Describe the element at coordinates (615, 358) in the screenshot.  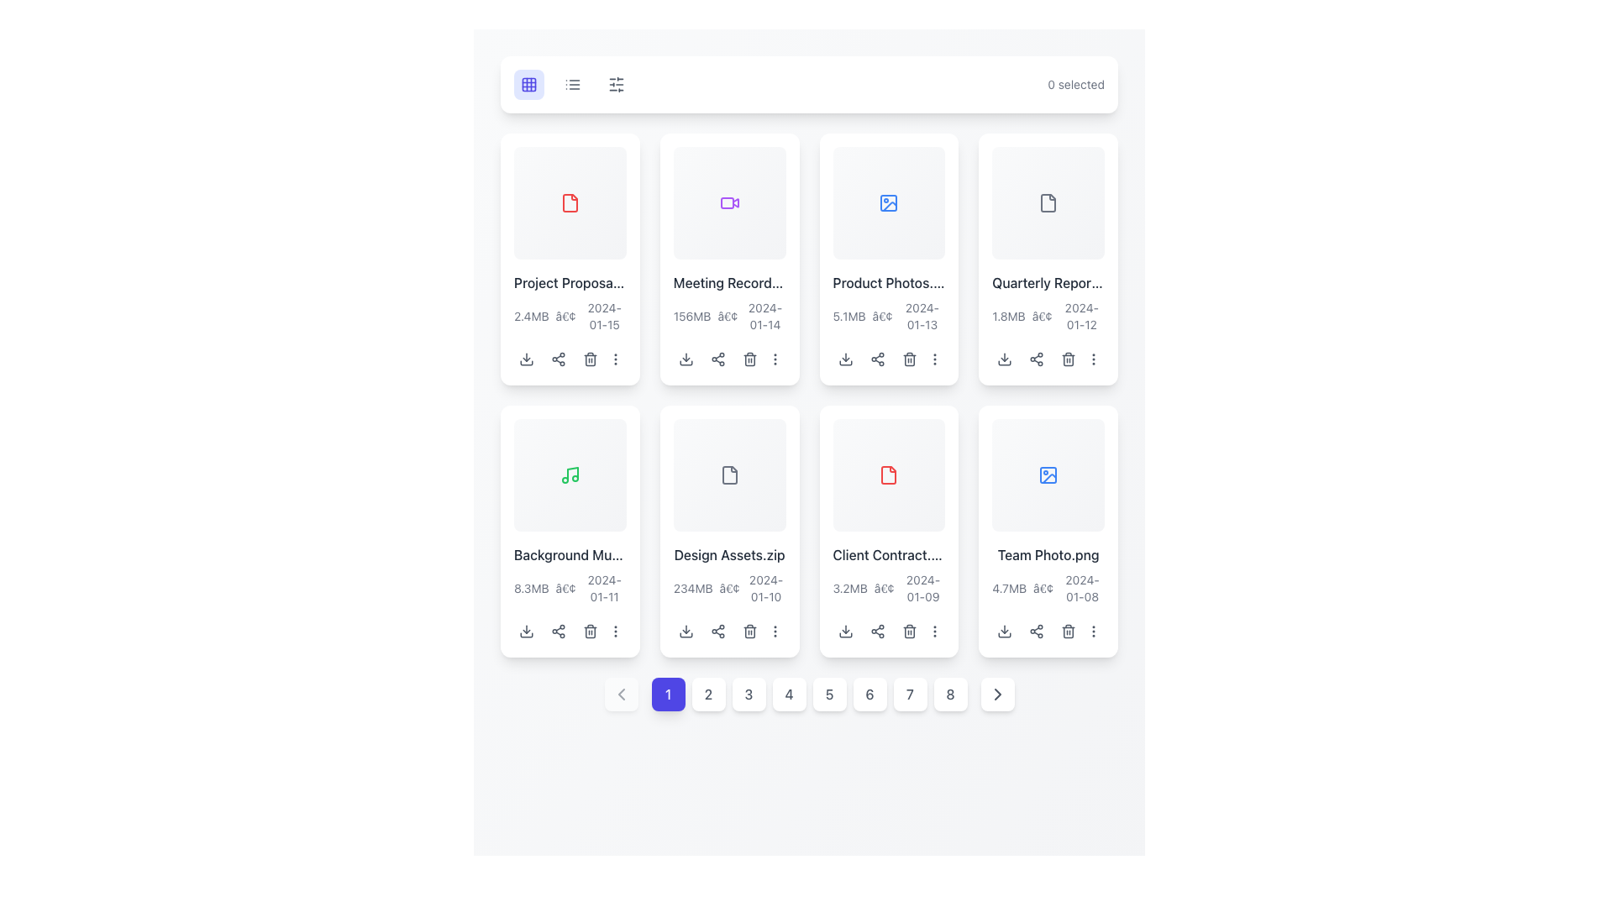
I see `the vertical ellipsis icon located at the bottom right corner of the card` at that location.